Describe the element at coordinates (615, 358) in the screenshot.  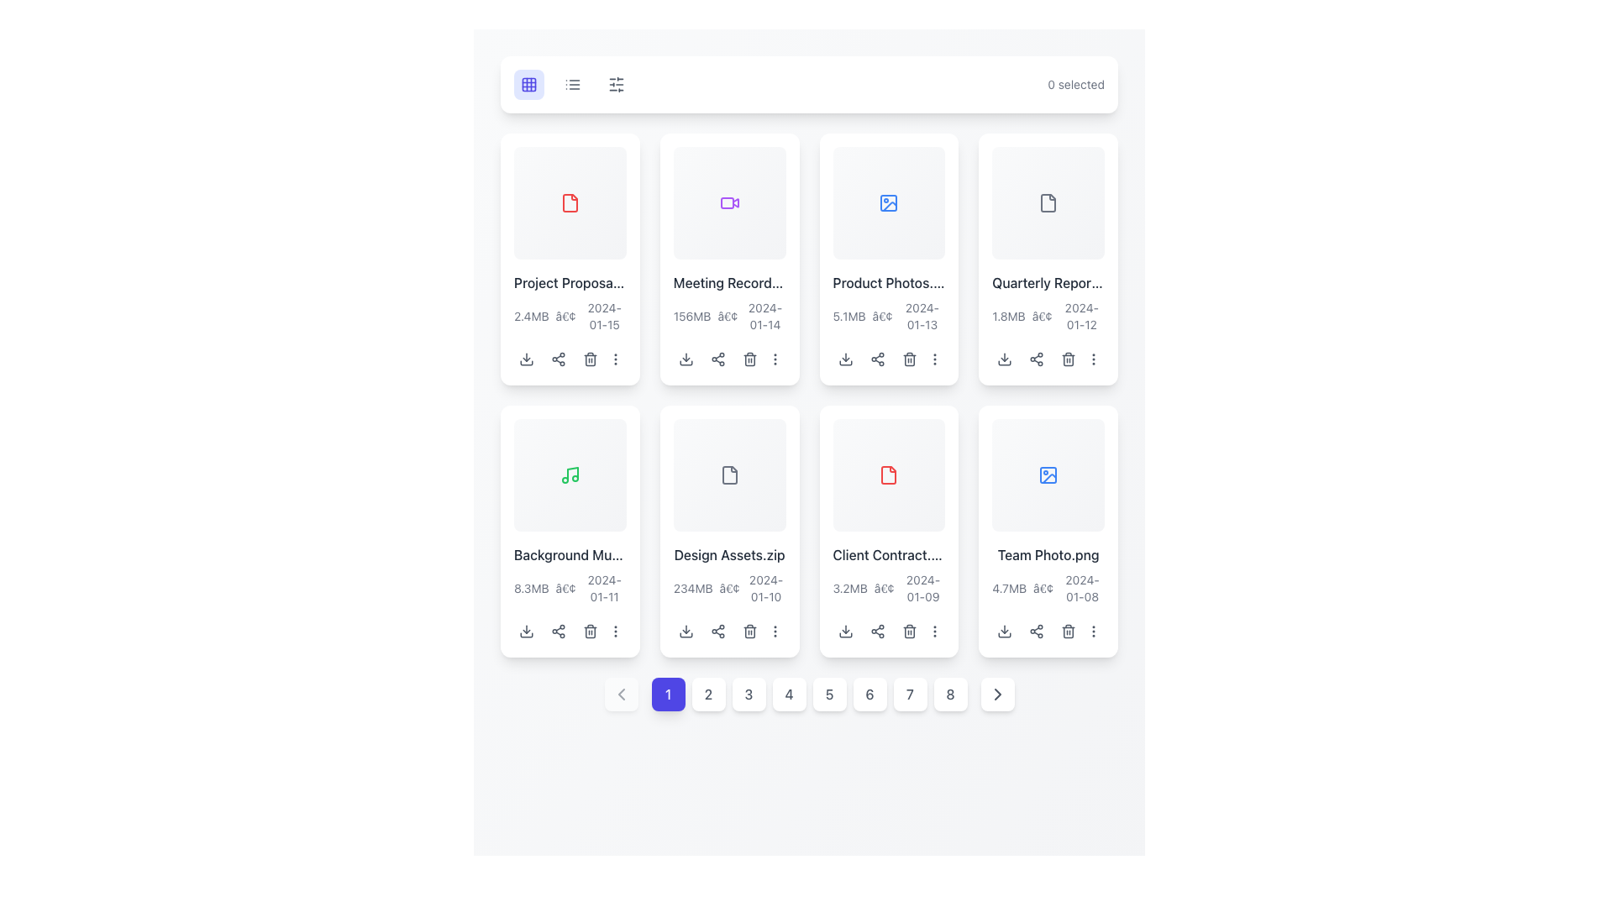
I see `the vertical ellipsis icon located at the bottom right corner of the card` at that location.